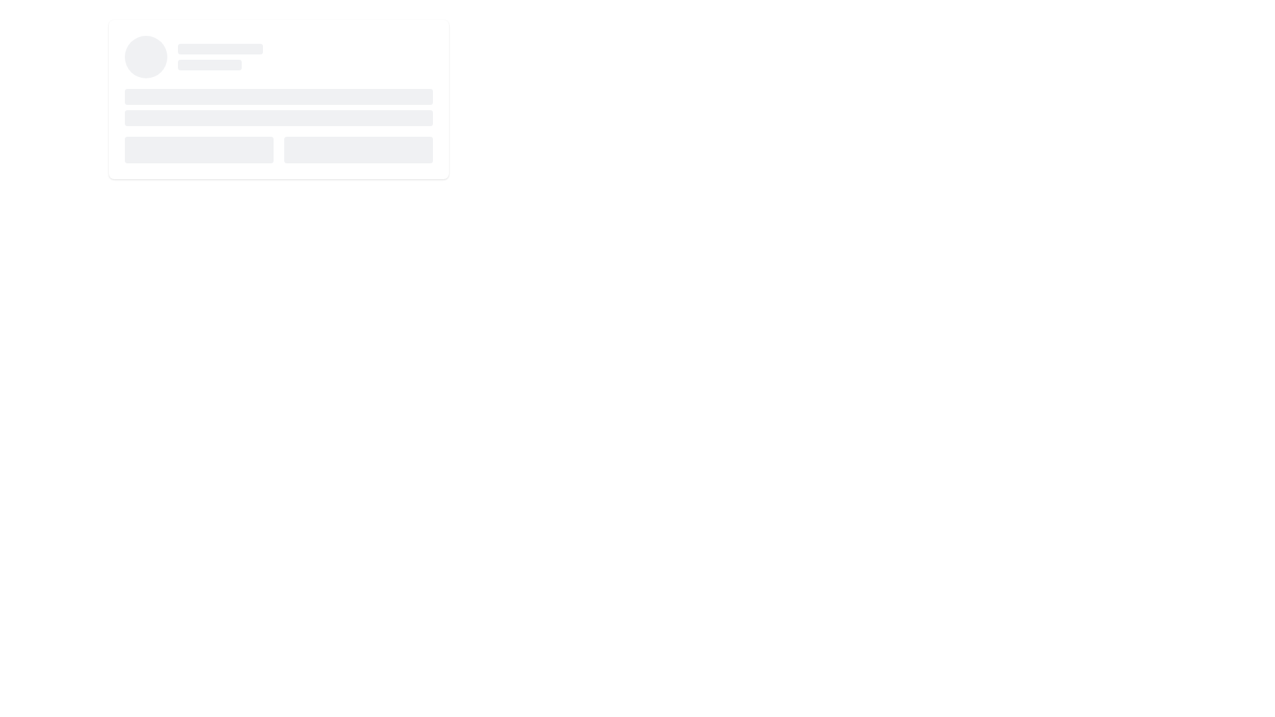  What do you see at coordinates (278, 99) in the screenshot?
I see `the loading animation of the skeletal loader for the user profile located in the top-left quadrant of the main application view` at bounding box center [278, 99].